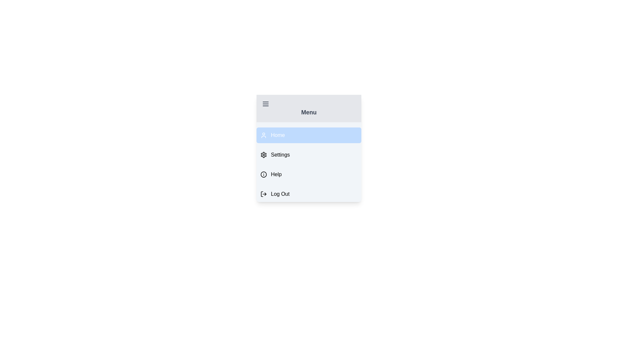 This screenshot has width=629, height=353. I want to click on the menu item labeled Settings, so click(308, 155).